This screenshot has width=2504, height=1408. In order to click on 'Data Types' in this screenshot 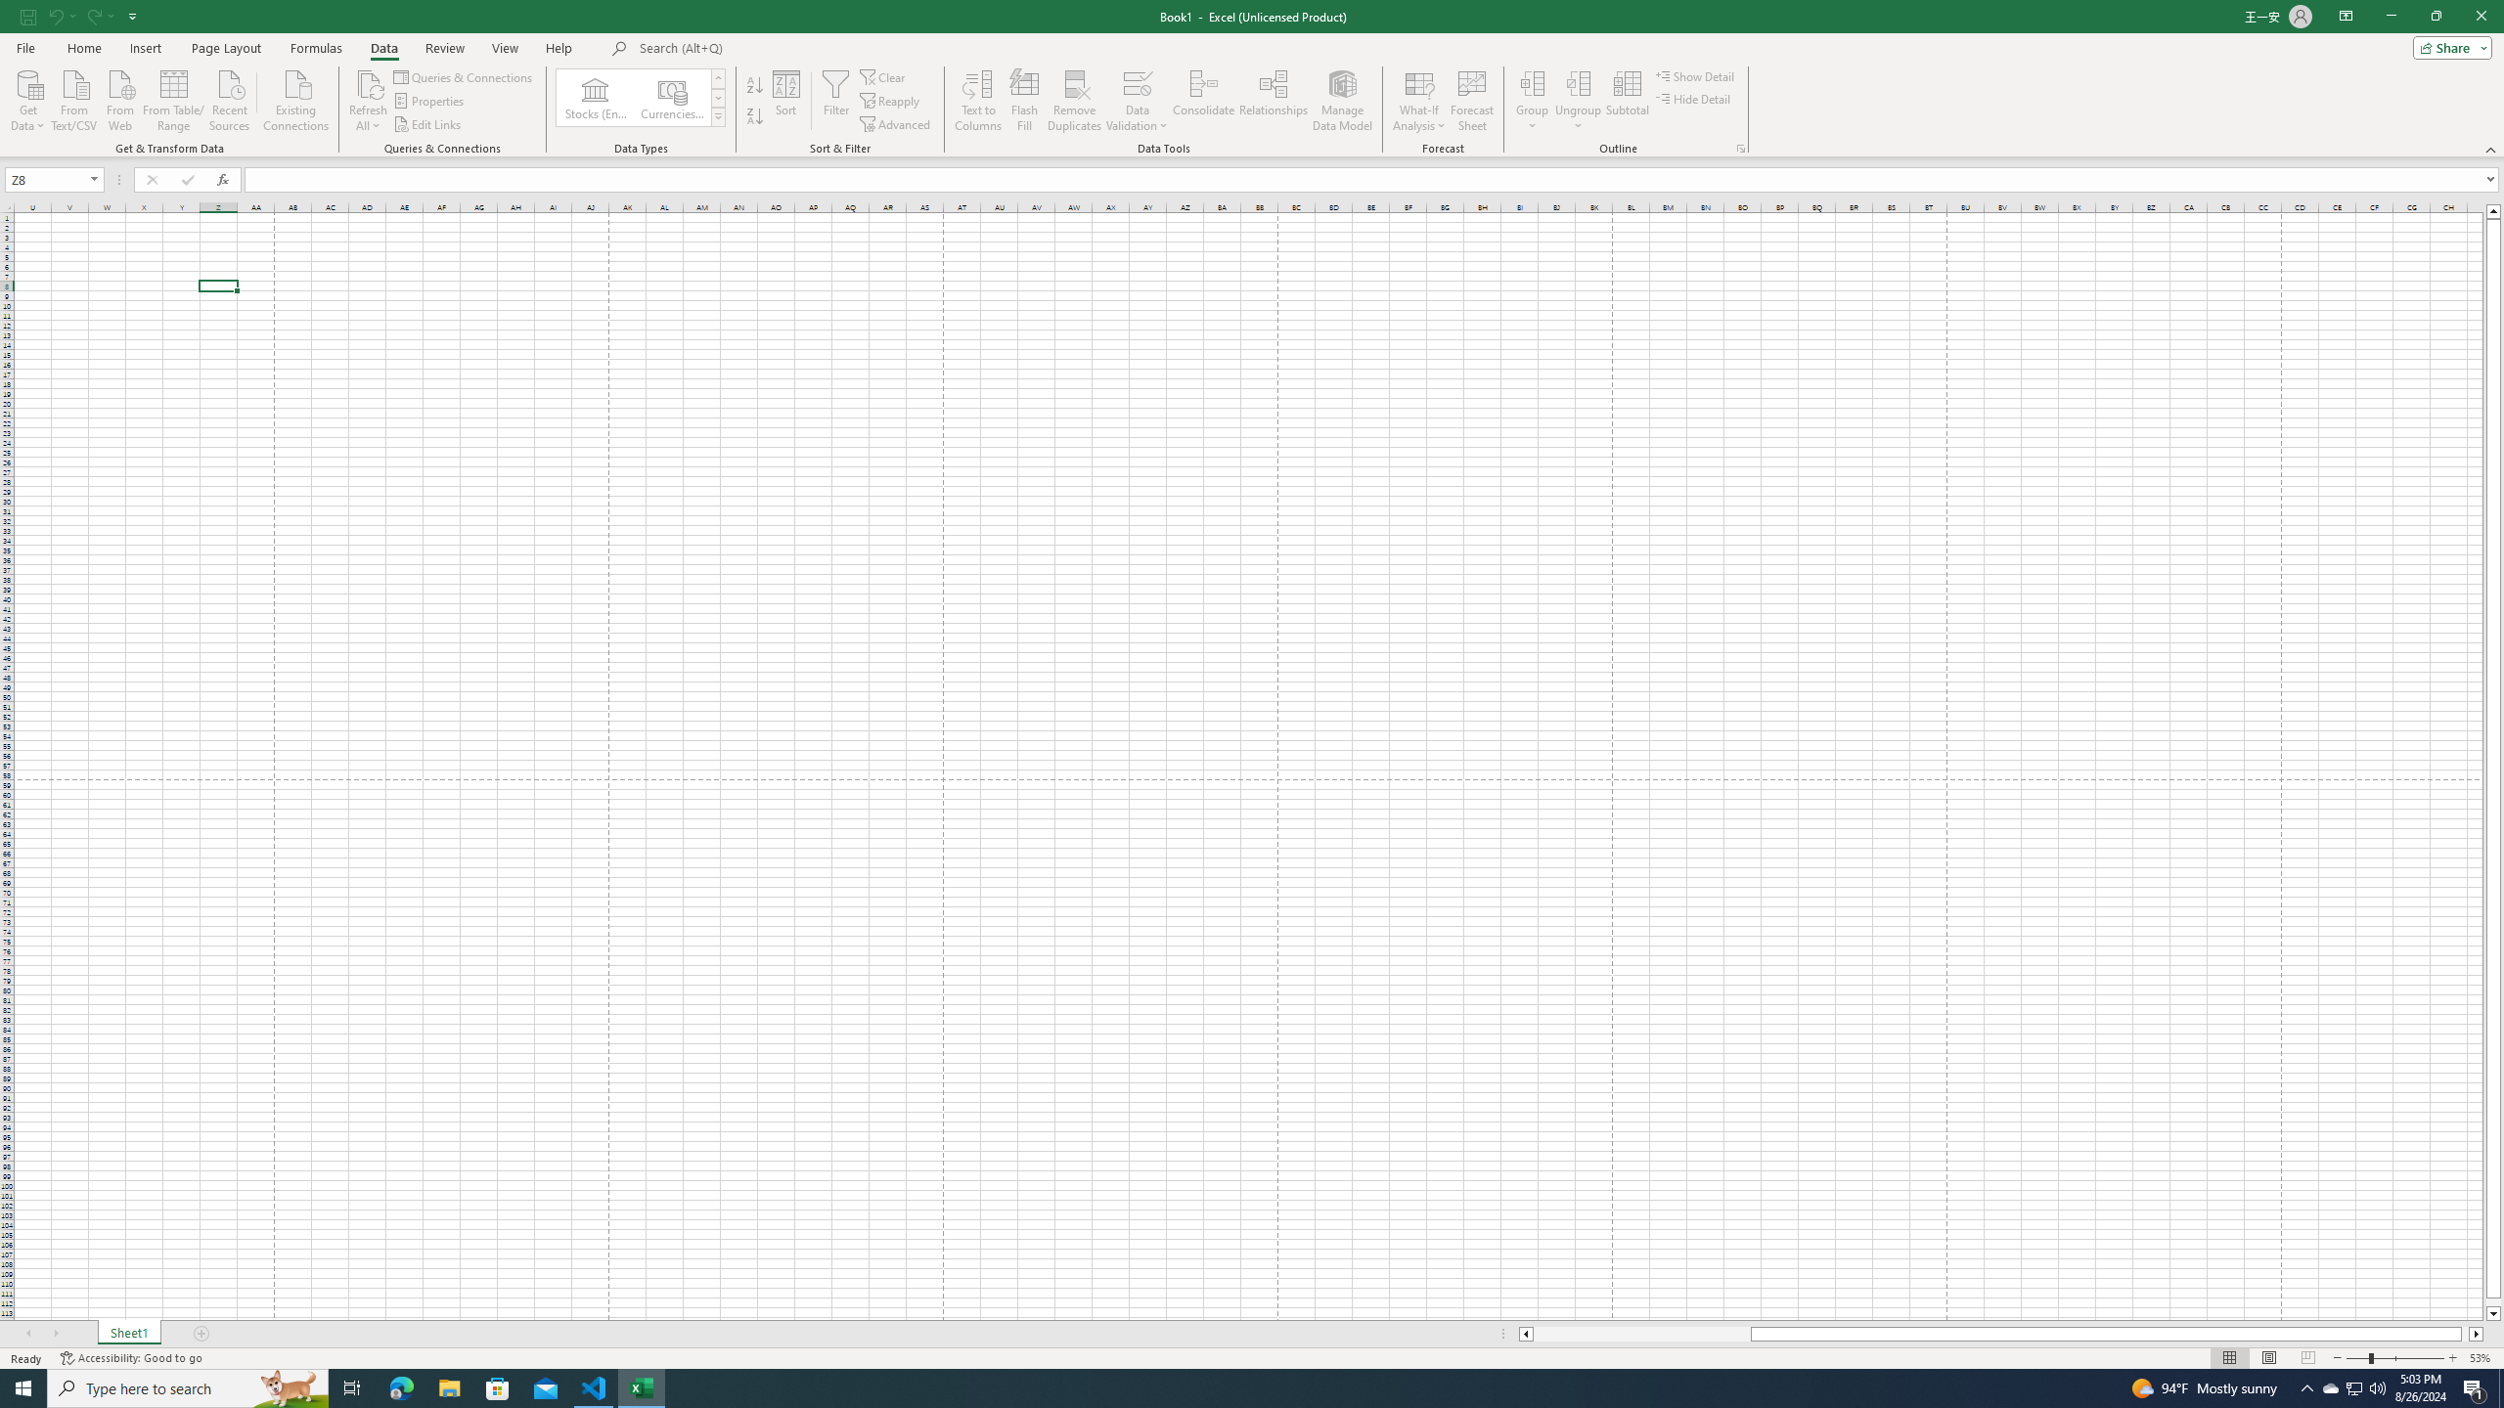, I will do `click(717, 115)`.